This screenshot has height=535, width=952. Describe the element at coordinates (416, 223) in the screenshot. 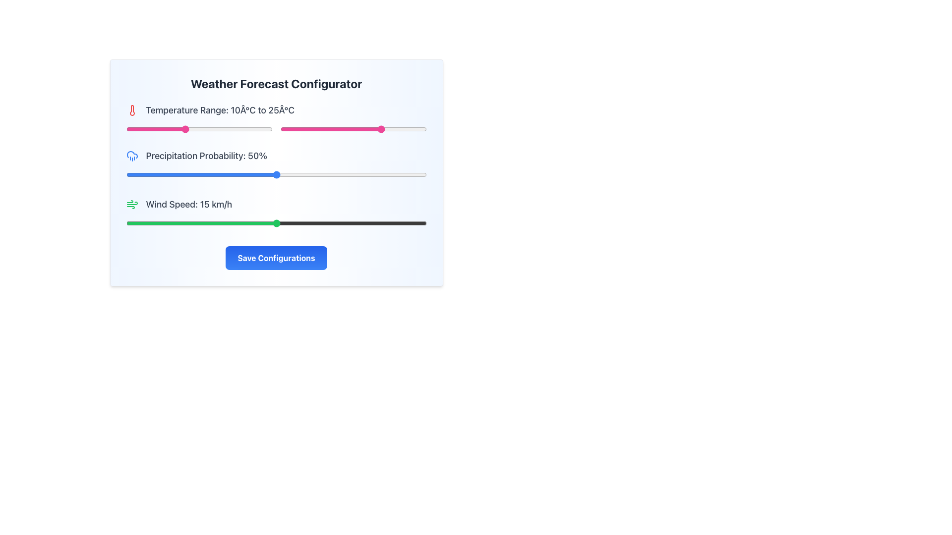

I see `wind speed` at that location.